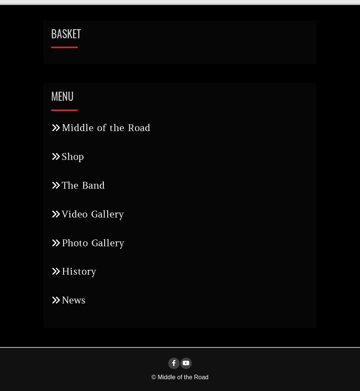  Describe the element at coordinates (62, 95) in the screenshot. I see `'Menu'` at that location.